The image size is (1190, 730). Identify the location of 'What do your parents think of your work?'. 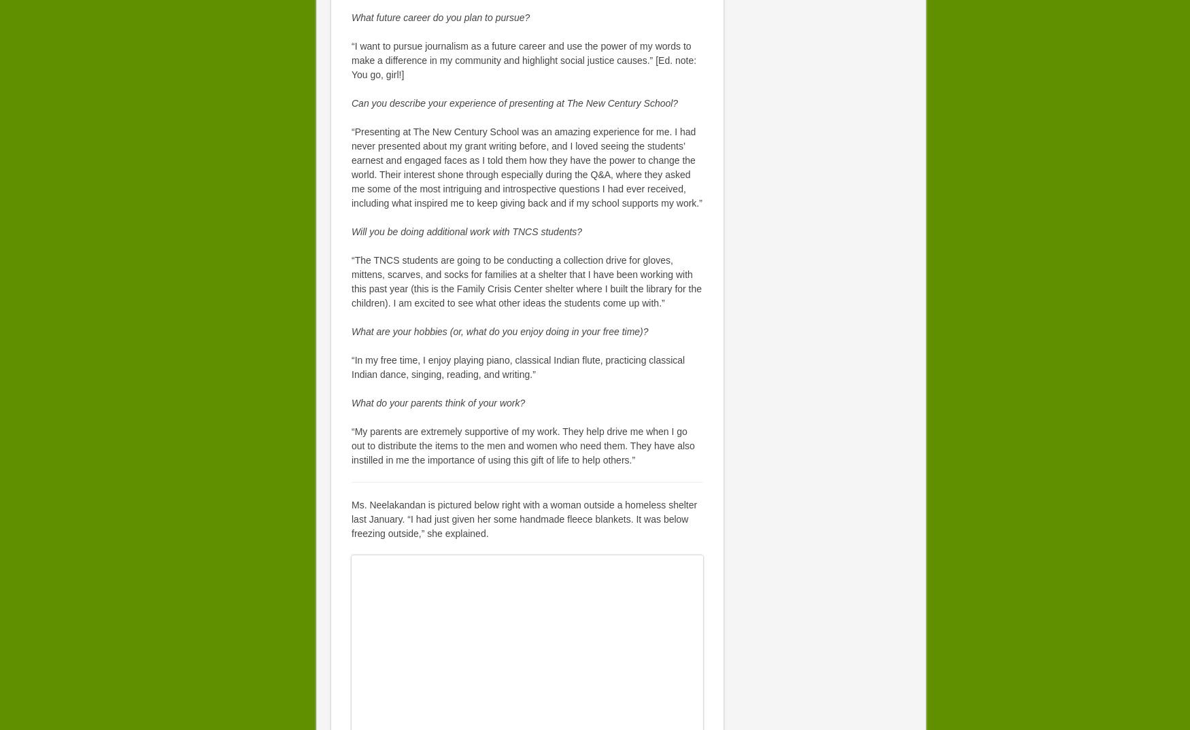
(350, 402).